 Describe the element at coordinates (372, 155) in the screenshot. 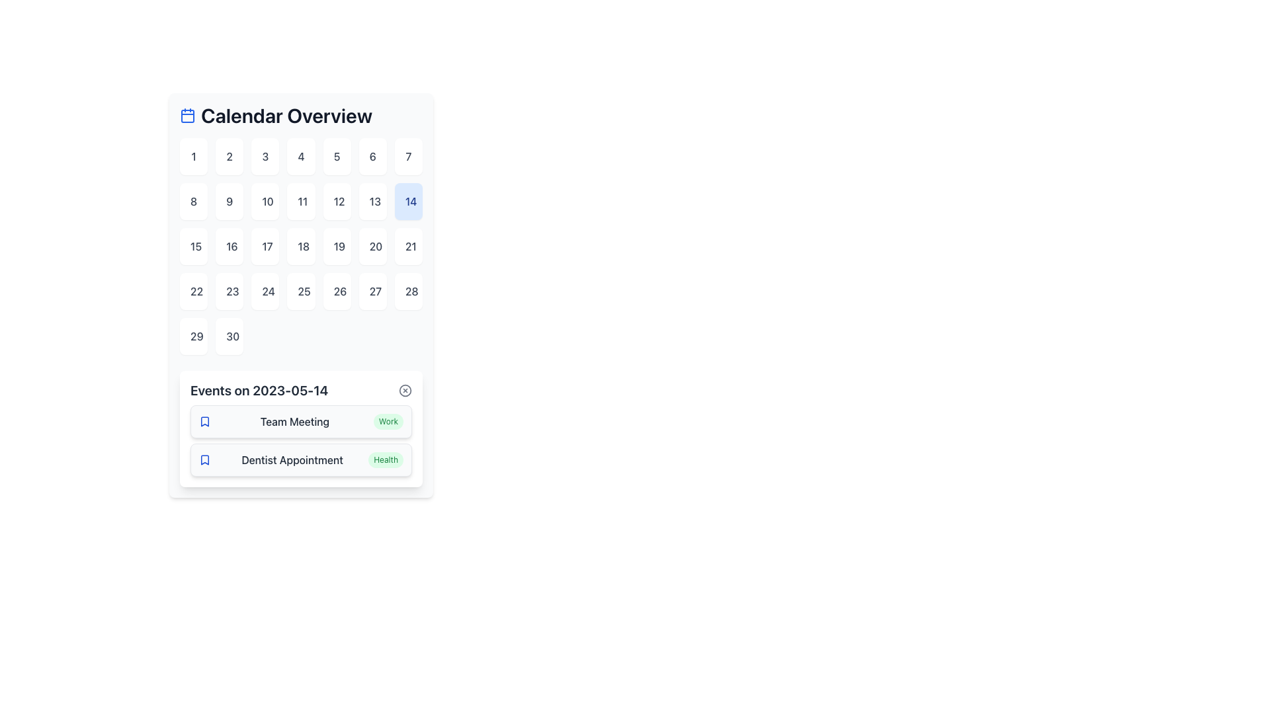

I see `the button labeled '6' in the calendar grid under the 'Calendar Overview' header` at that location.